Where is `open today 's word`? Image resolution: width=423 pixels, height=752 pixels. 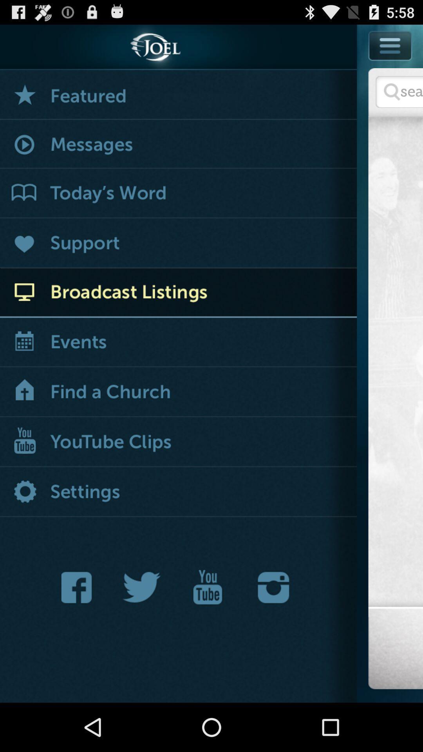
open today 's word is located at coordinates (178, 193).